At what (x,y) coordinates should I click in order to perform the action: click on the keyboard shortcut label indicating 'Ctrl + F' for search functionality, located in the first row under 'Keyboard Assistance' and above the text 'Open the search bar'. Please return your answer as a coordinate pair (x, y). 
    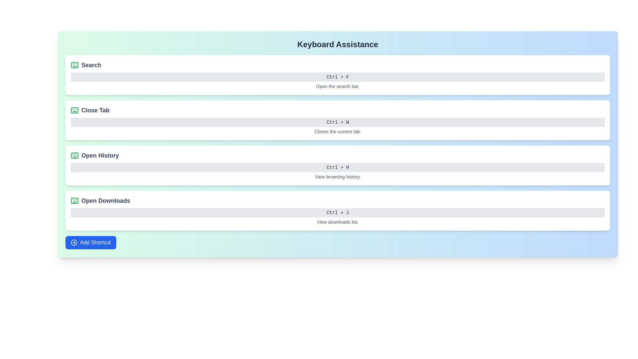
    Looking at the image, I should click on (338, 76).